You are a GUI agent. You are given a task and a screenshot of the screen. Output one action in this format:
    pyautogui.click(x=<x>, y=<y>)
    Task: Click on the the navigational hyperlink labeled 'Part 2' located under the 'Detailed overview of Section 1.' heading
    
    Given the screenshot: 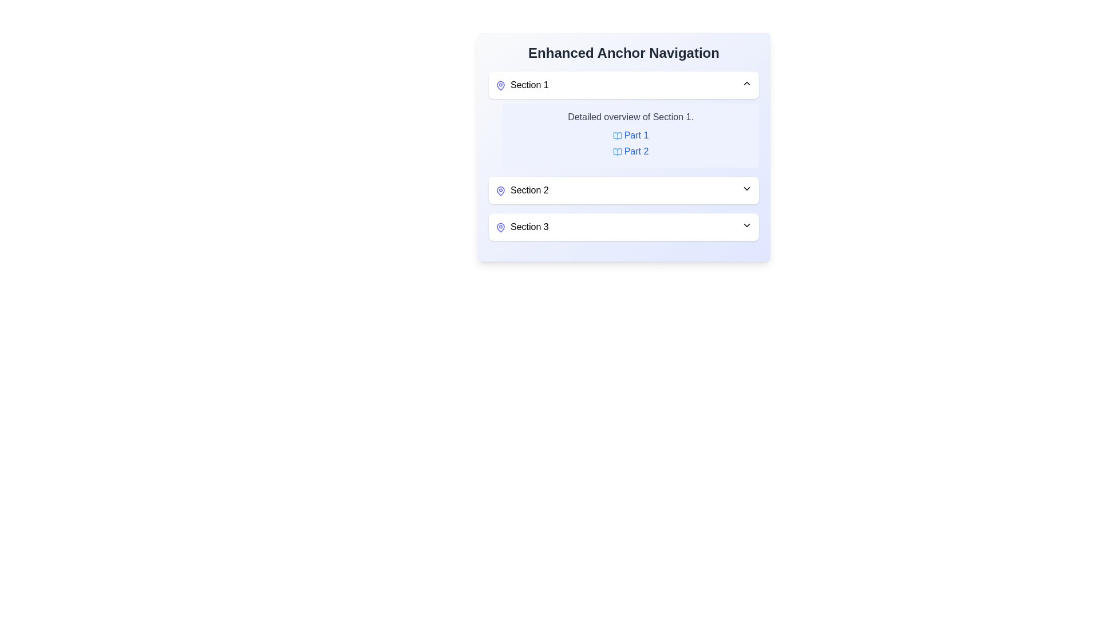 What is the action you would take?
    pyautogui.click(x=630, y=150)
    